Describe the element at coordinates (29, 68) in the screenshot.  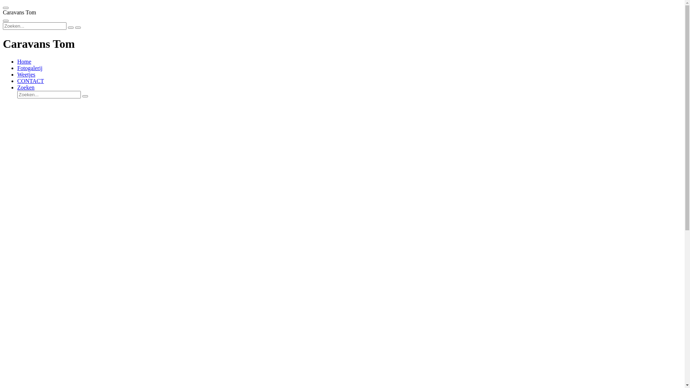
I see `'Fotogalerij'` at that location.